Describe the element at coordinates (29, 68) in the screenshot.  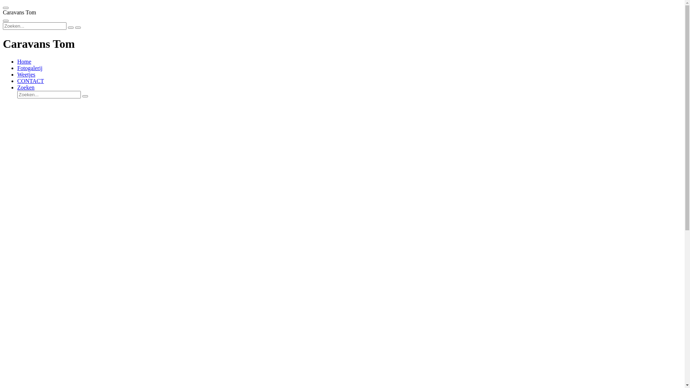
I see `'Fotogalerij'` at that location.